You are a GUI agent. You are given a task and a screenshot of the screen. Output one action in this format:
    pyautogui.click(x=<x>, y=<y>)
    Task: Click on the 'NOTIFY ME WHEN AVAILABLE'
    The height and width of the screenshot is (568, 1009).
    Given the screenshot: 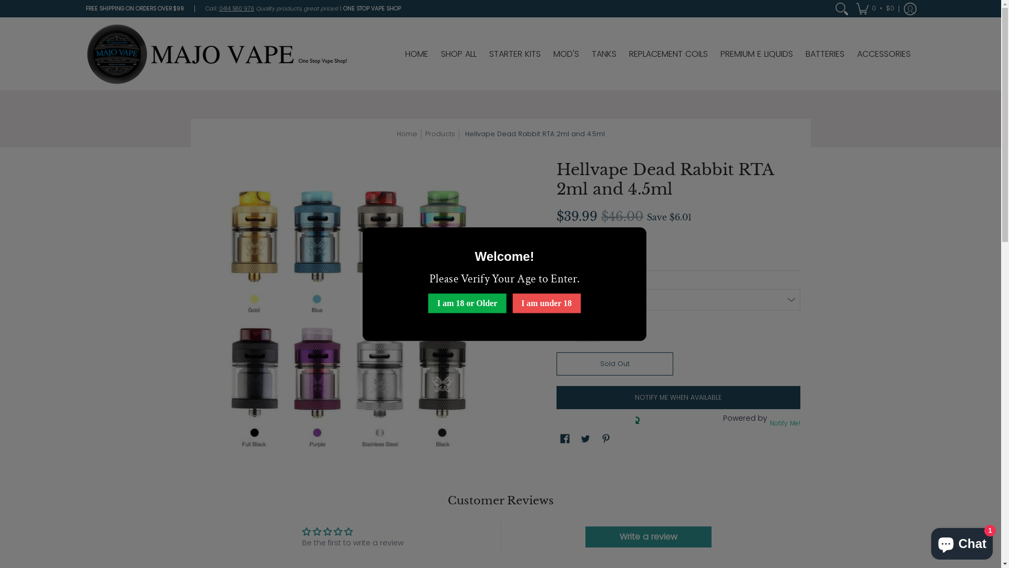 What is the action you would take?
    pyautogui.click(x=678, y=398)
    